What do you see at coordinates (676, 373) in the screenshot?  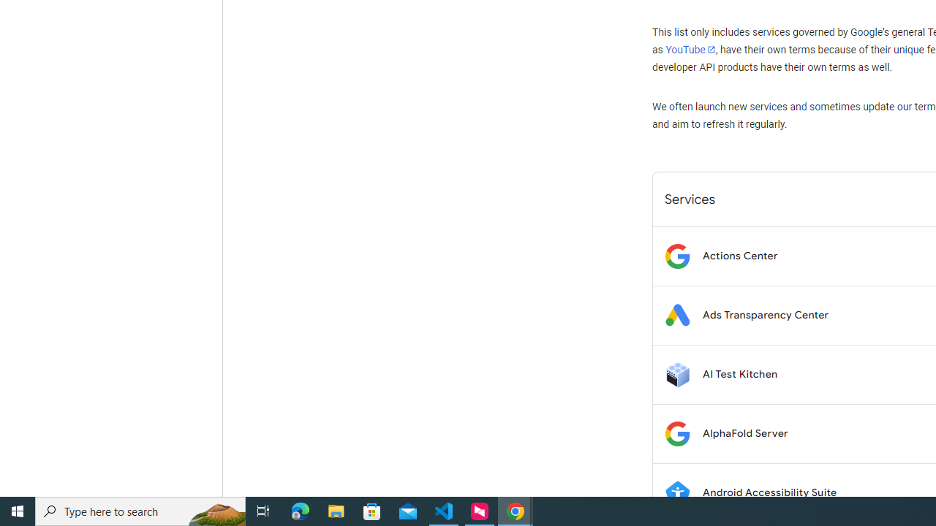 I see `'Logo for AI Test Kitchen'` at bounding box center [676, 373].